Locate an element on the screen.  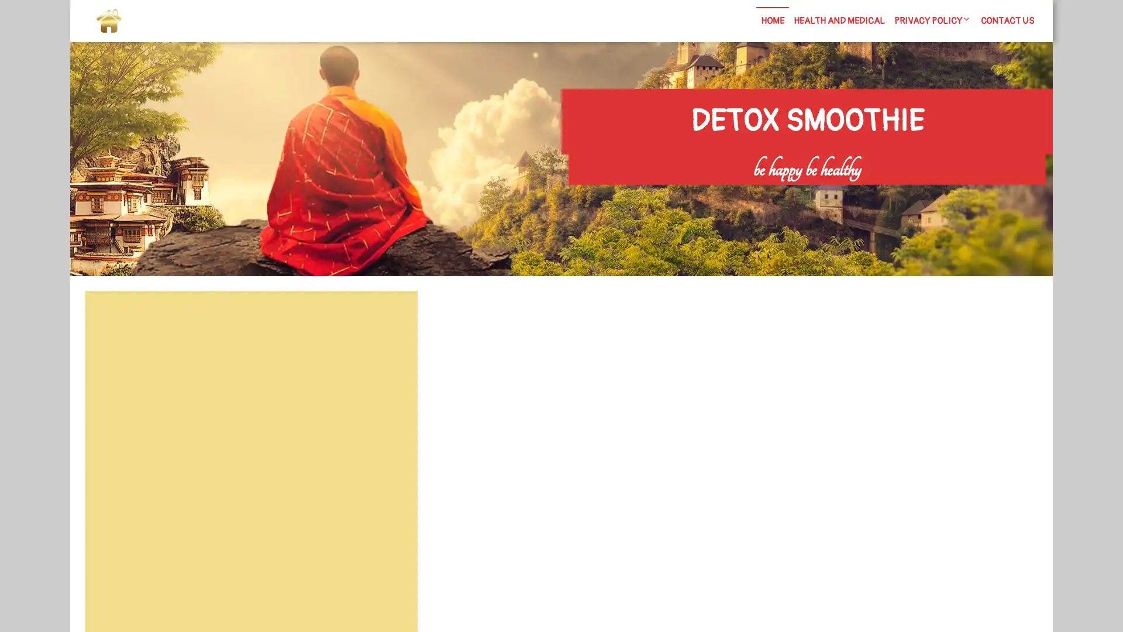
Search is located at coordinates (911, 191).